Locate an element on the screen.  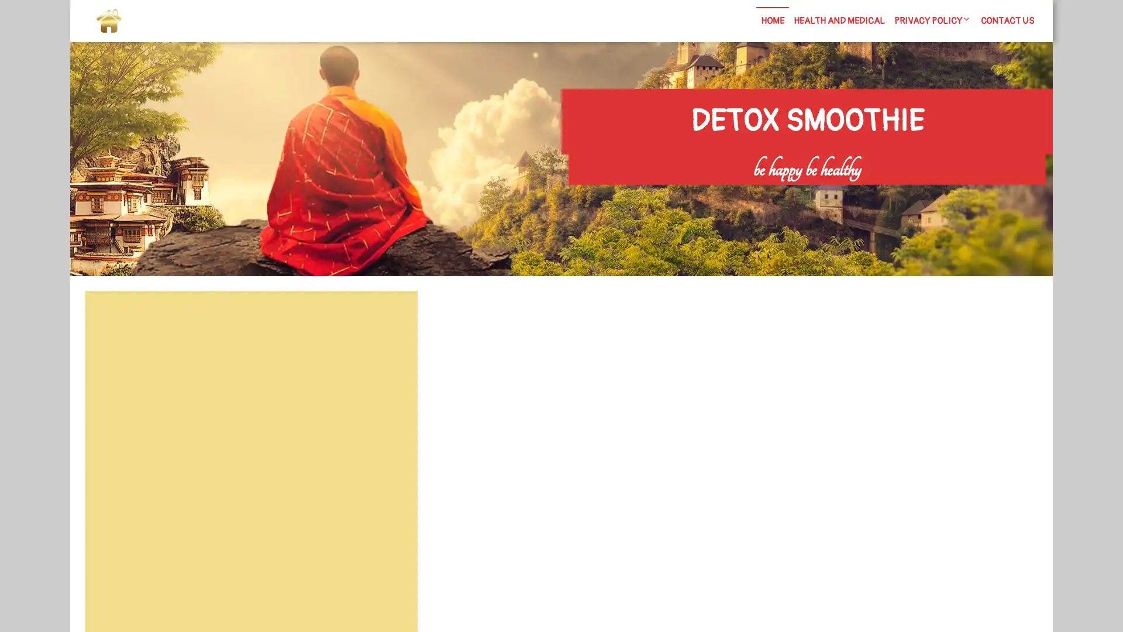
Search is located at coordinates (911, 191).